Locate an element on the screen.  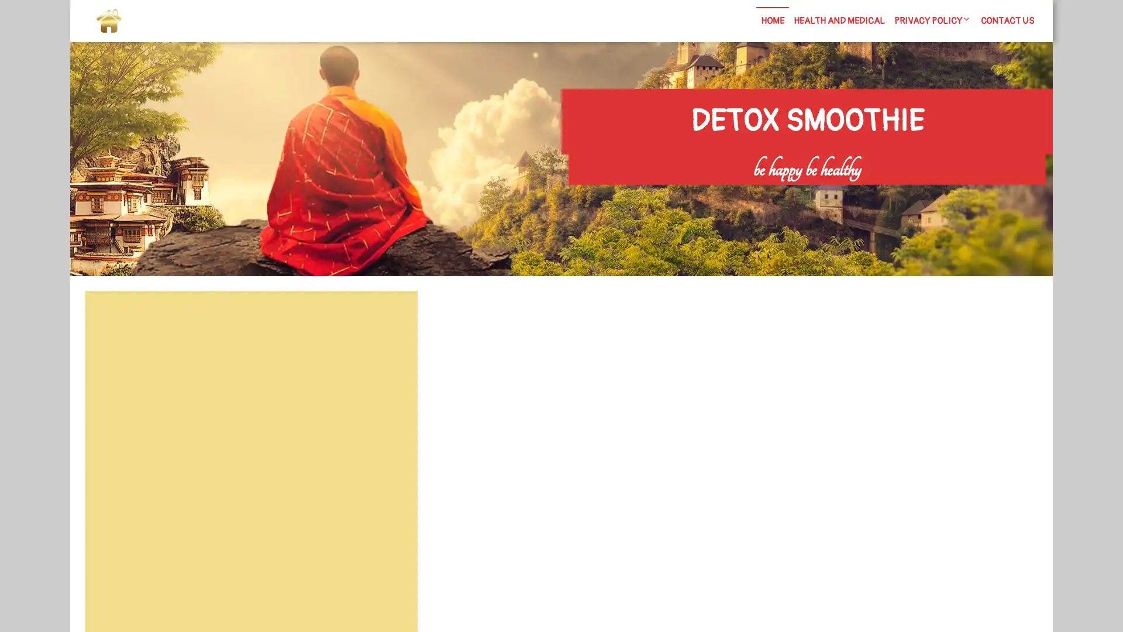
Search is located at coordinates (911, 191).